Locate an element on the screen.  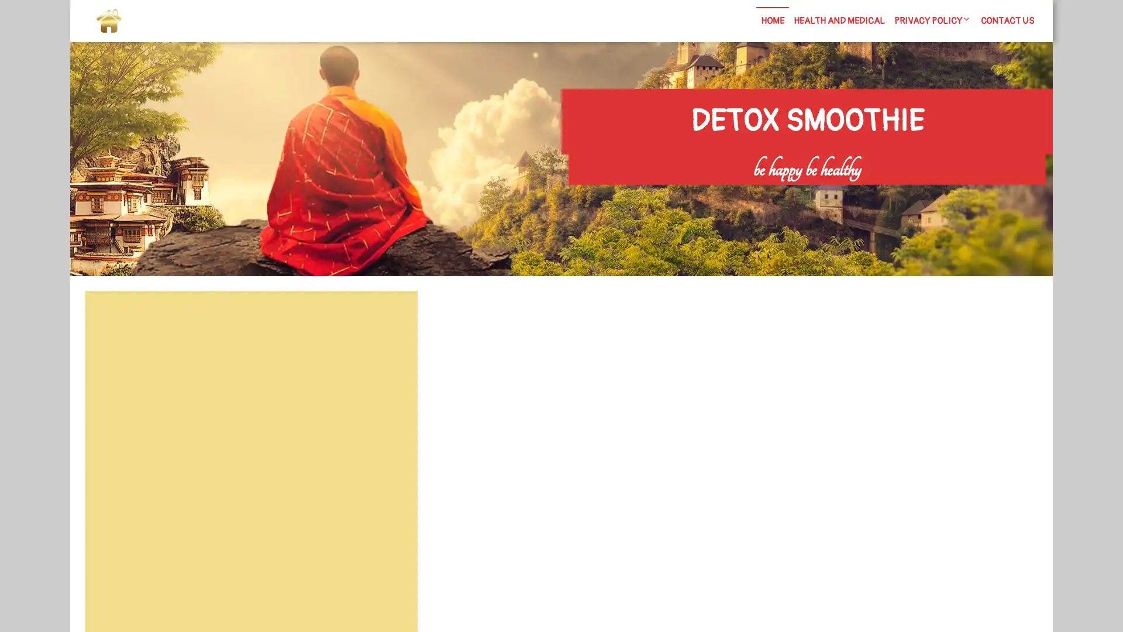
Search is located at coordinates (911, 191).